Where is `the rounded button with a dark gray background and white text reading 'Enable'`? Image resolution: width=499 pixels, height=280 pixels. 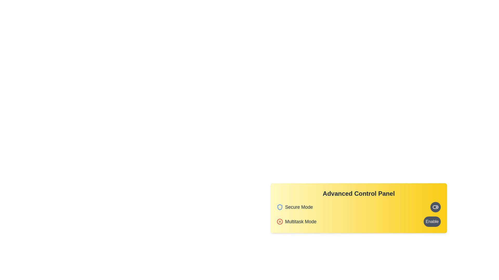 the rounded button with a dark gray background and white text reading 'Enable' is located at coordinates (432, 222).